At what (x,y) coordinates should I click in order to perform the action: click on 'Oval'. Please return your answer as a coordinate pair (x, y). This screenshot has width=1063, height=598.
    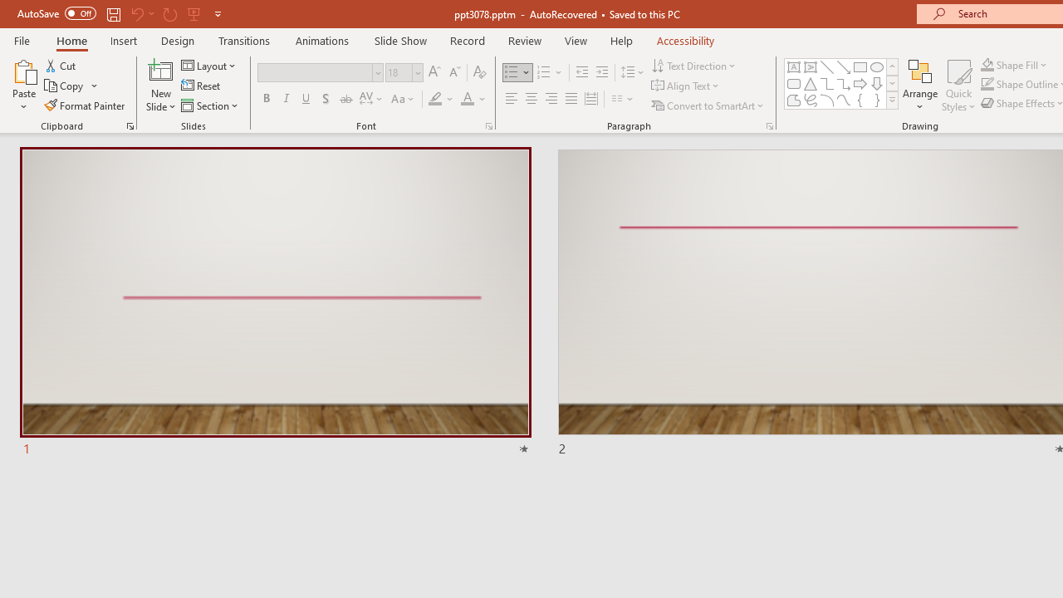
    Looking at the image, I should click on (876, 66).